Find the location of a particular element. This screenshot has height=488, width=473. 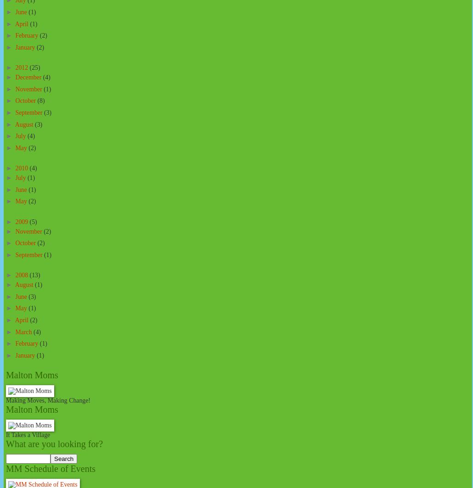

'Making Moves, Making Change!' is located at coordinates (47, 400).